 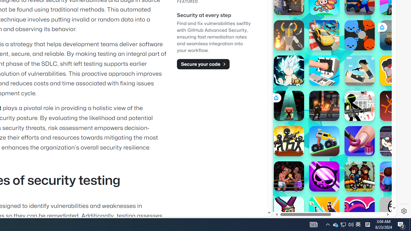 I want to click on 'Drive Mad Drive Mad', so click(x=324, y=141).